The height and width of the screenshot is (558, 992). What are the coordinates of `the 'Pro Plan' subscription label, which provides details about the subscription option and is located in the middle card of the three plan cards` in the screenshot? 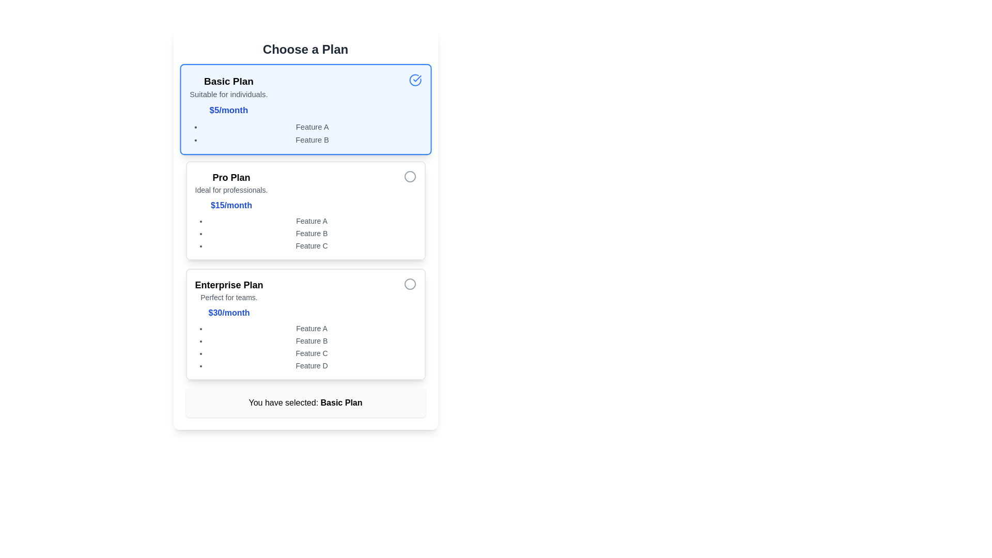 It's located at (230, 191).